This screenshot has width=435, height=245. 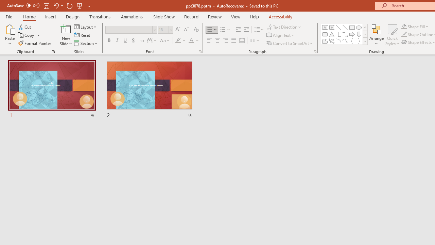 I want to click on 'Quick Styles', so click(x=392, y=35).